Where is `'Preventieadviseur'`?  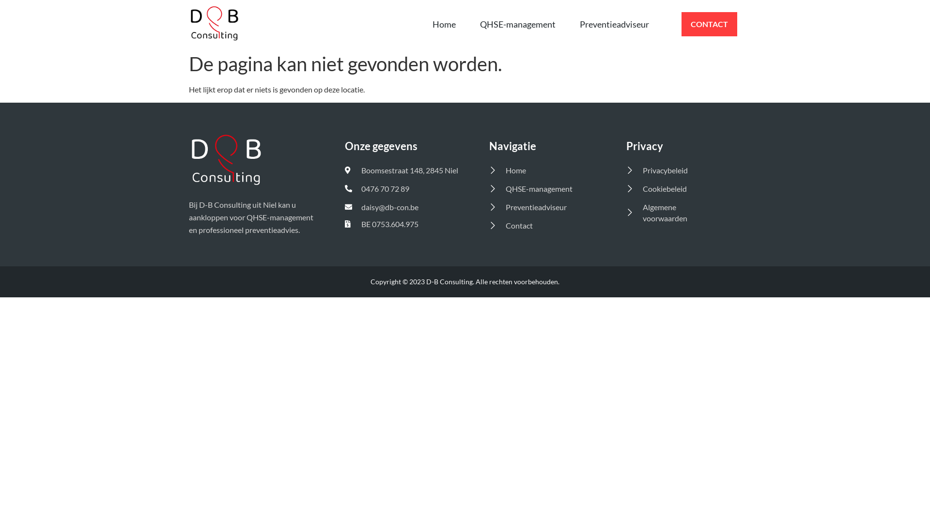 'Preventieadviseur' is located at coordinates (614, 24).